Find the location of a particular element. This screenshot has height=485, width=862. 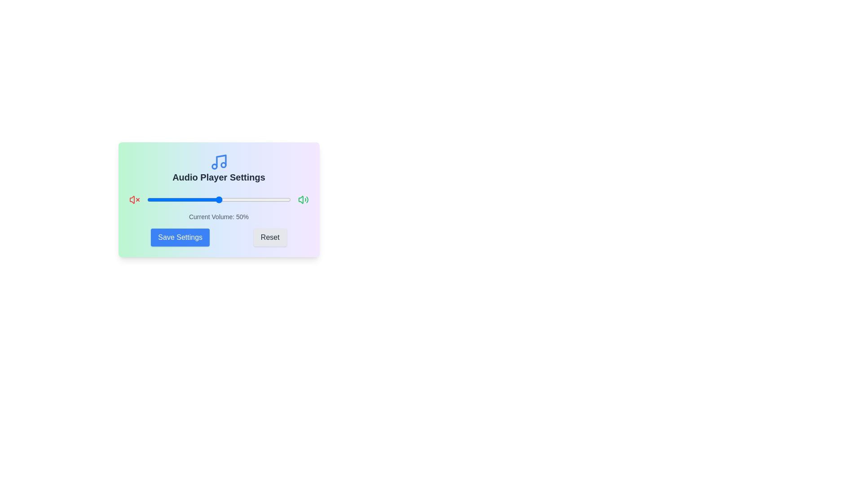

and drag the circular handle of the horizontal volume control slider, which is centrally placed between a red muted speaker icon and a green loud speaker icon, to adjust the volume is located at coordinates (219, 199).